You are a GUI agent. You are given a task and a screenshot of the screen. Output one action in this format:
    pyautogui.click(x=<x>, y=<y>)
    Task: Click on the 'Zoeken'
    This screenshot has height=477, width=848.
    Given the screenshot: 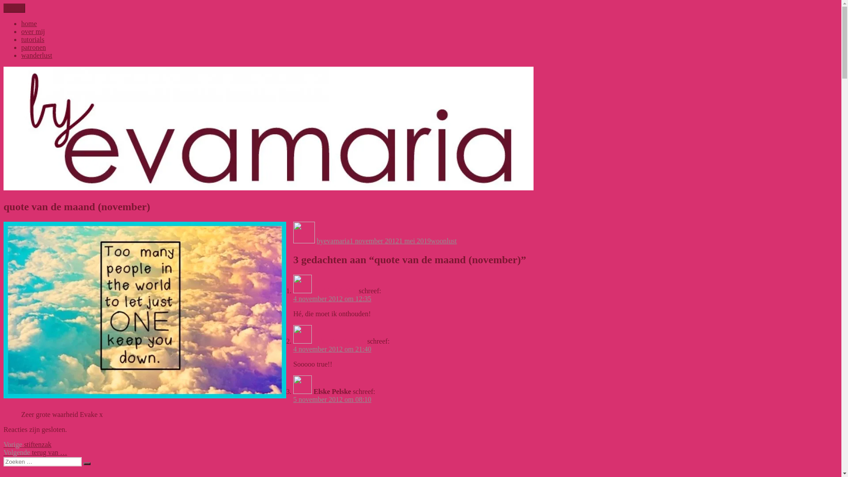 What is the action you would take?
    pyautogui.click(x=87, y=463)
    